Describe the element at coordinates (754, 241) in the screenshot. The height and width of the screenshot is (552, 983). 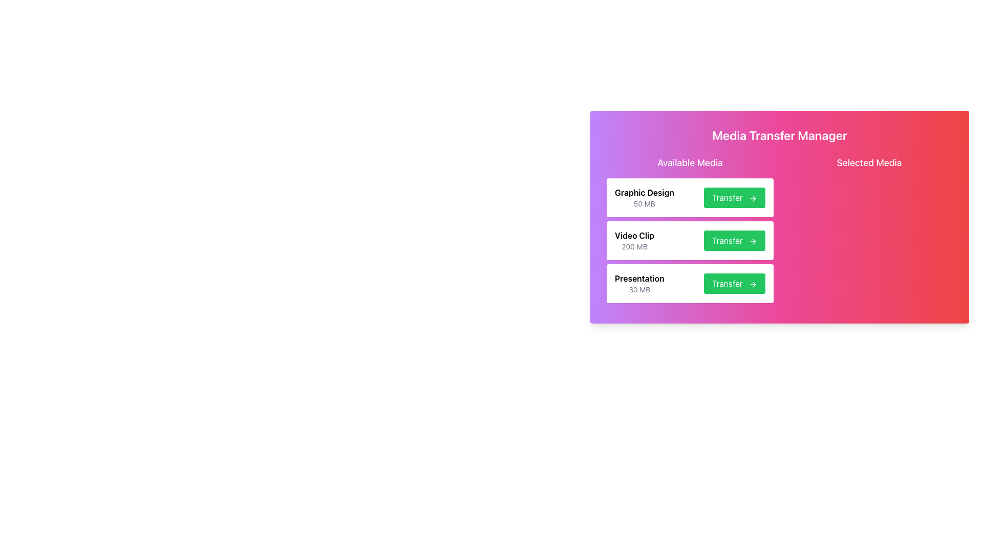
I see `the stylized arrow icon of the 'Transfer' button located` at that location.